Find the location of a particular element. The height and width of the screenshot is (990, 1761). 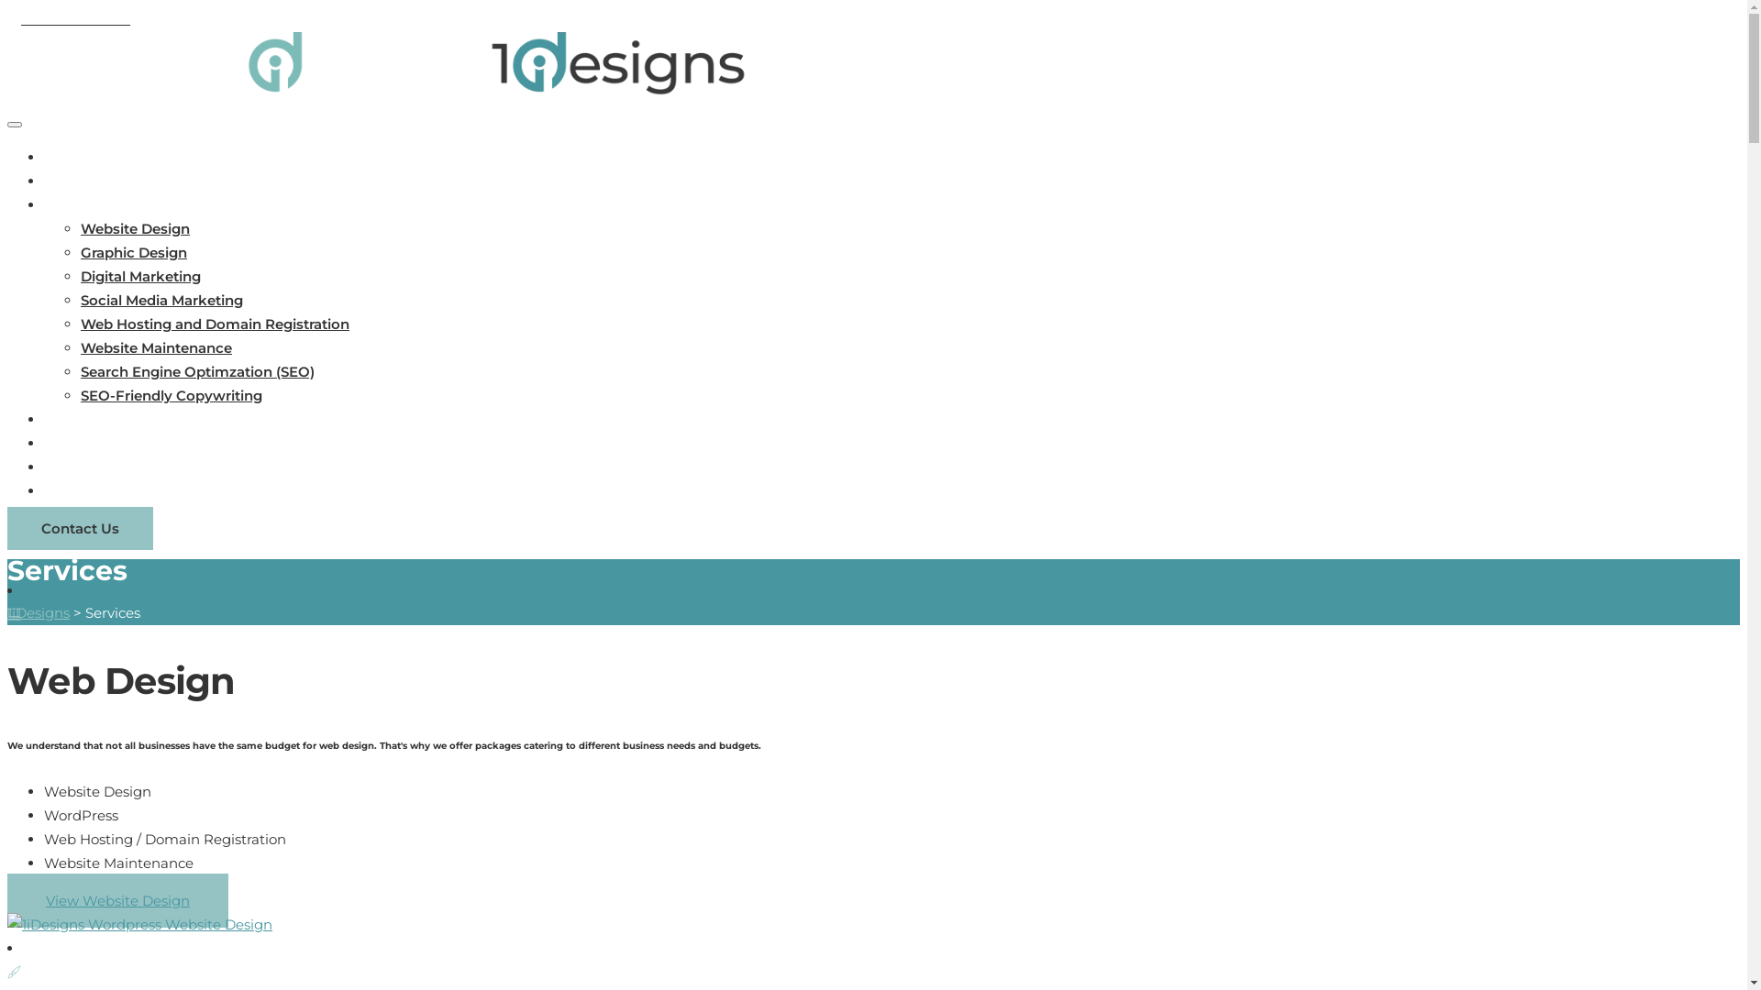

'Graphic Design' is located at coordinates (79, 252).